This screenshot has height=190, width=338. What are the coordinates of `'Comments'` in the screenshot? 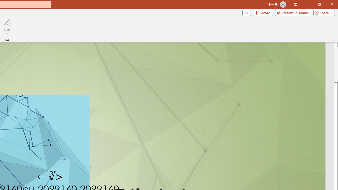 It's located at (246, 12).